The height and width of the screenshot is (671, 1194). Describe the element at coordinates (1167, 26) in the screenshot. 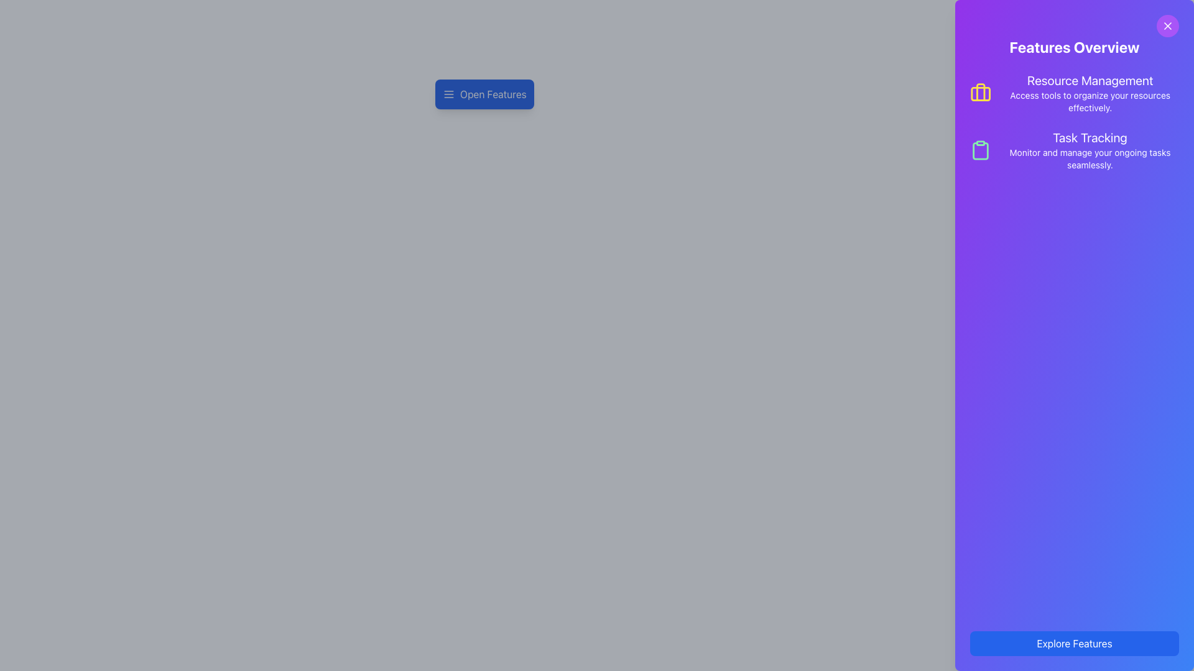

I see `the small purple circular button with an 'X' icon located at the top-right corner of the 'Features Overview' panel` at that location.